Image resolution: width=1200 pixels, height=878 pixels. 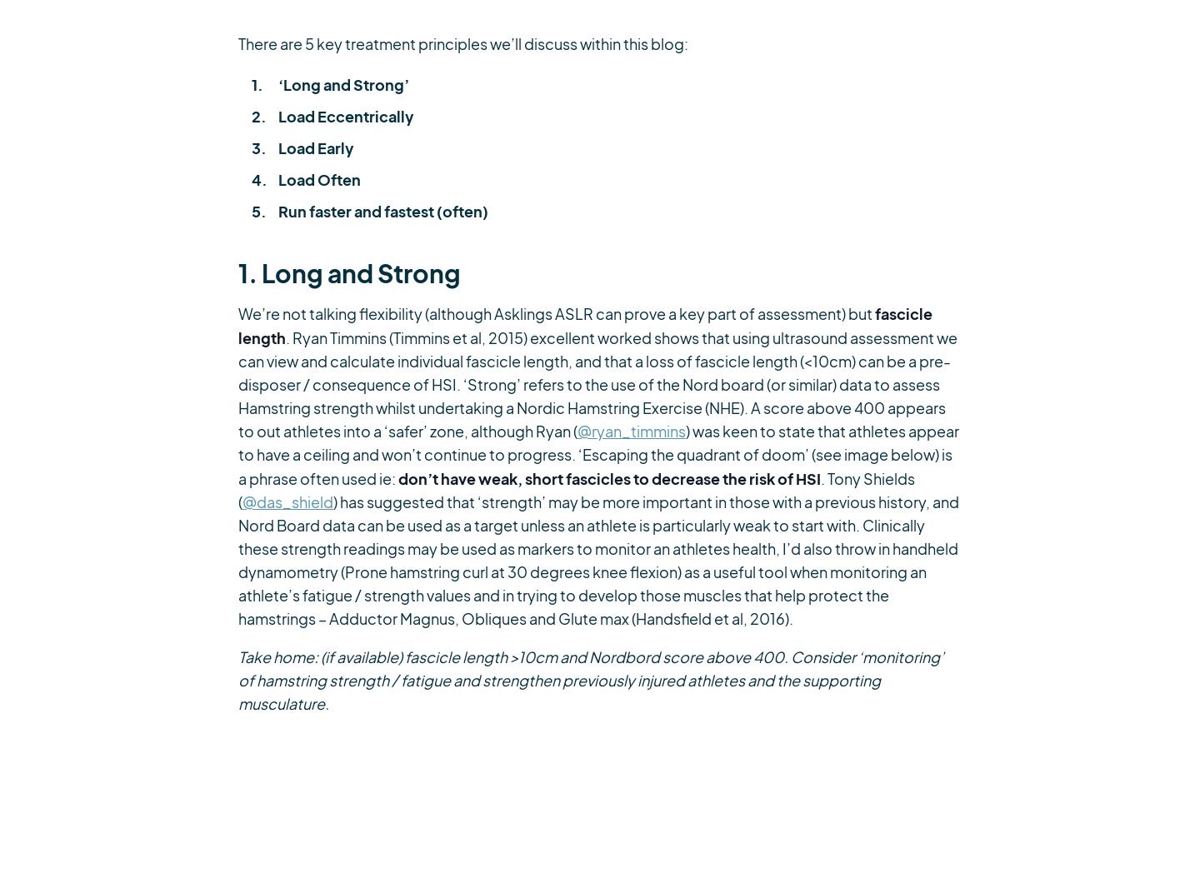 I want to click on ') has suggested that ‘strength’ may be more important in those with a previous history, and Nord Board data can be used as a target unless an athlete is particularly weak to start with. Clinically these strength readings may be used as markers to monitor an athletes health, I’d also throw in handheld dynamometry (Prone hamstring curl at 30 degrees knee flexion) as a useful tool when monitoring an athlete’s fatigue / strength values and in trying to develop those muscles that help protect the hamstrings – Adductor Magnus, Obliques and Glute max (Handsfield et al, 2016).', so click(x=237, y=560).